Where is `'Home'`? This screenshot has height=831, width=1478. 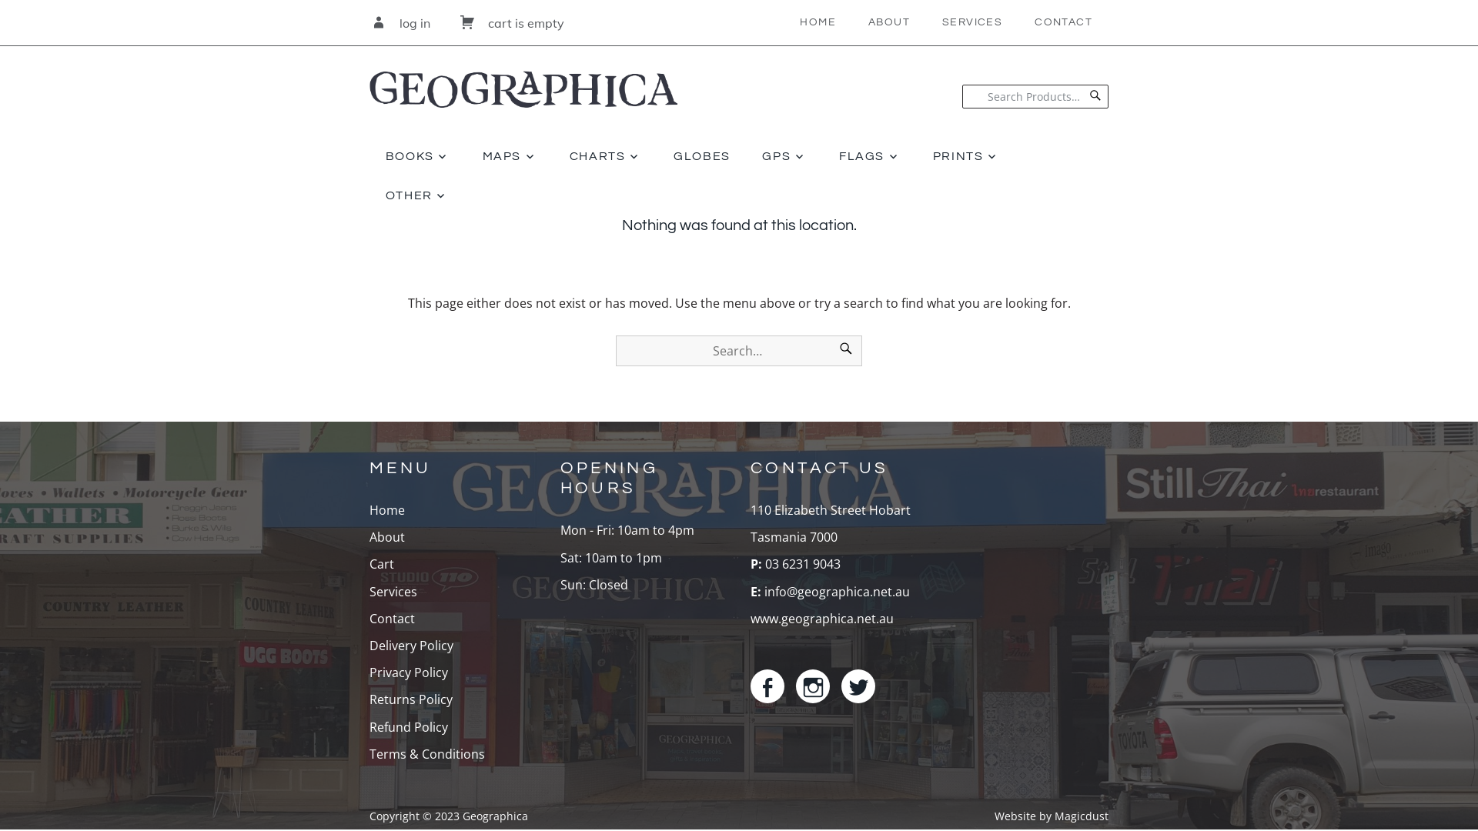
'Home' is located at coordinates (387, 510).